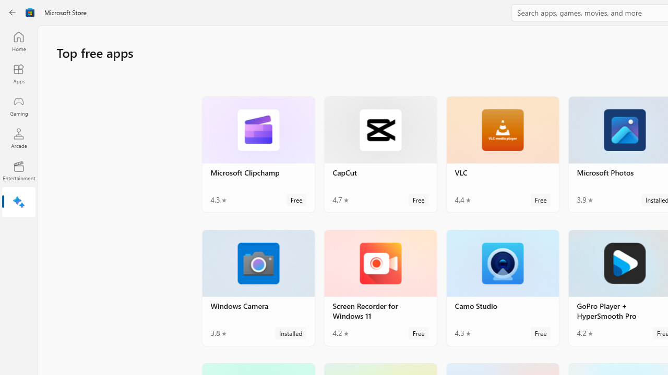 This screenshot has width=668, height=375. What do you see at coordinates (503, 154) in the screenshot?
I see `'VLC. Average rating of 4.4 out of five stars. Free  '` at bounding box center [503, 154].